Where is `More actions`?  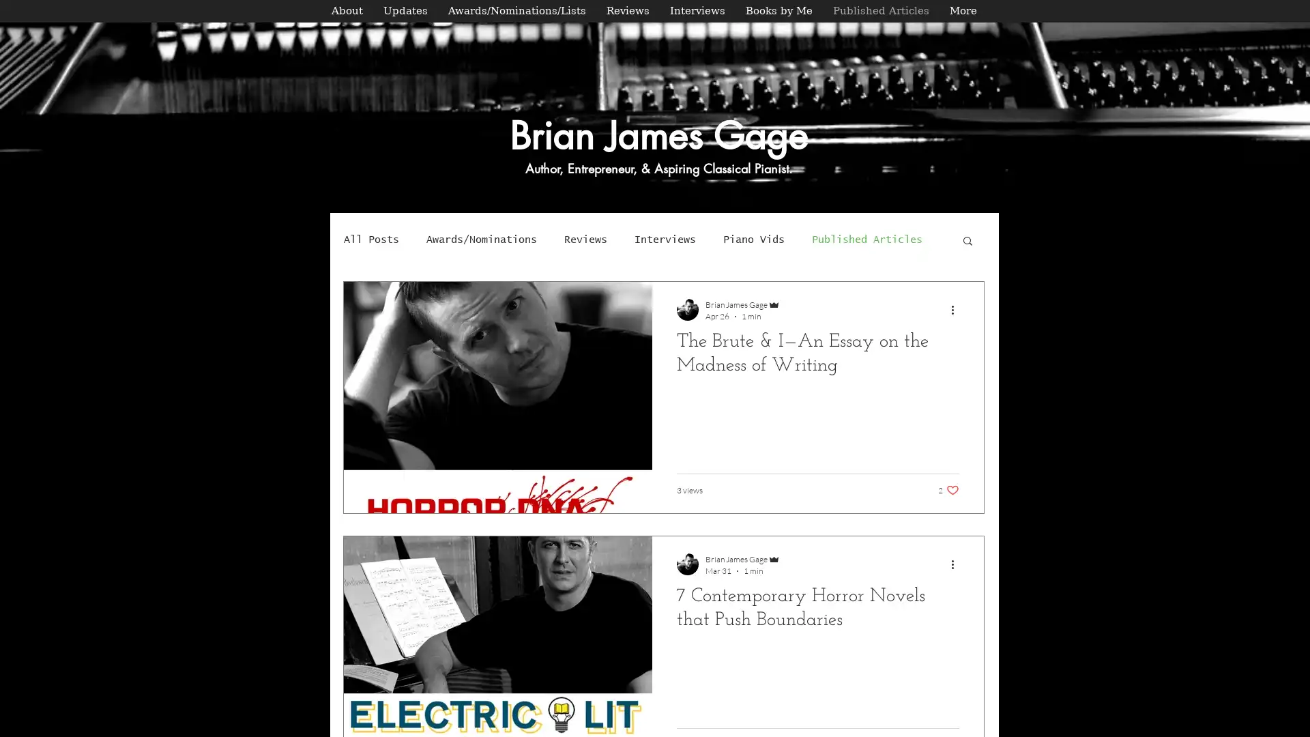 More actions is located at coordinates (956, 309).